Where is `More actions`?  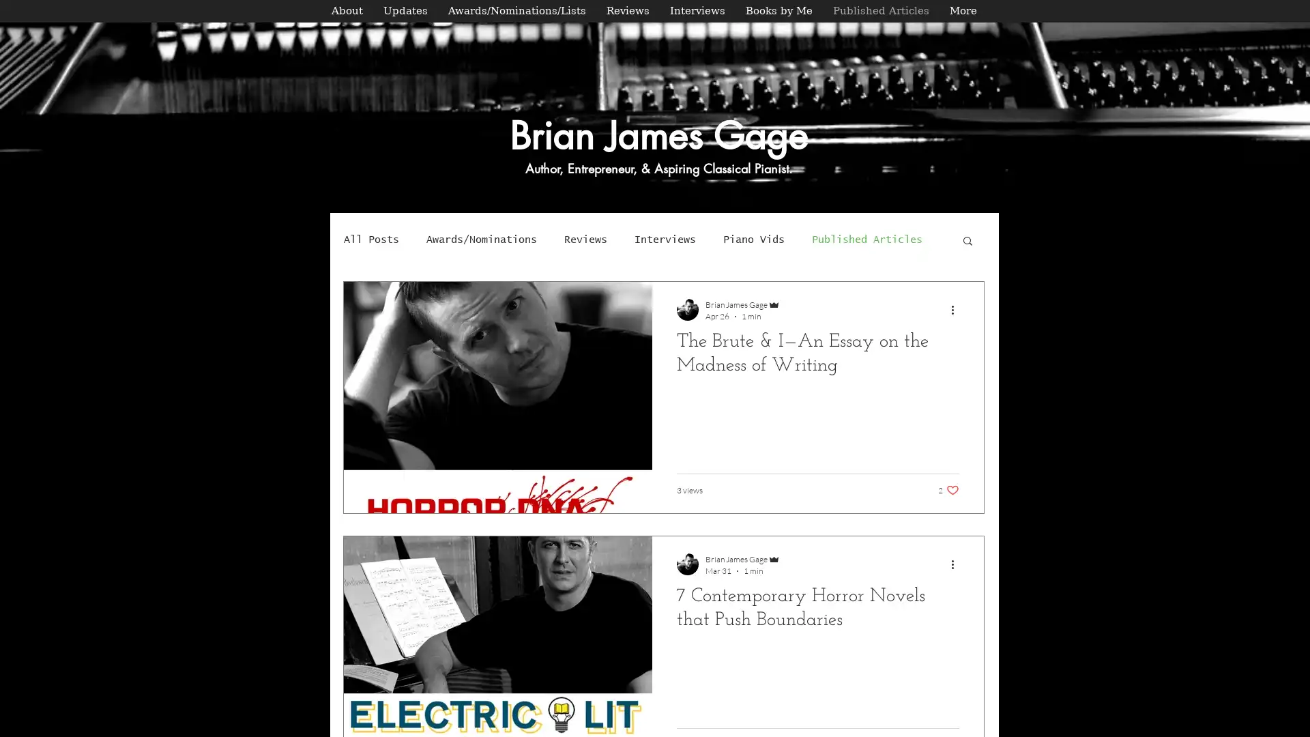 More actions is located at coordinates (956, 309).